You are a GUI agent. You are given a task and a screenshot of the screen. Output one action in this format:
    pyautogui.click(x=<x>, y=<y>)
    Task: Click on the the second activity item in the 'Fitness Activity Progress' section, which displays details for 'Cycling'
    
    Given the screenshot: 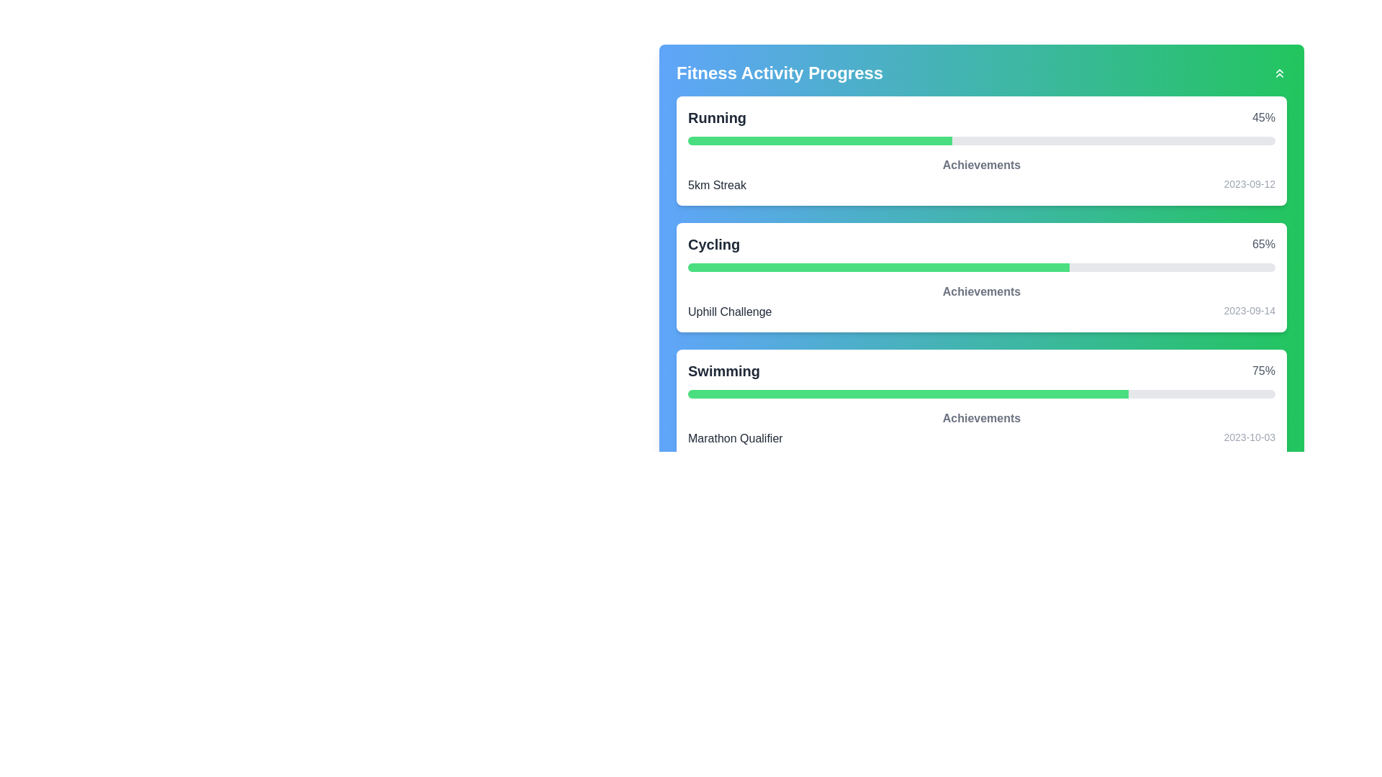 What is the action you would take?
    pyautogui.click(x=980, y=277)
    